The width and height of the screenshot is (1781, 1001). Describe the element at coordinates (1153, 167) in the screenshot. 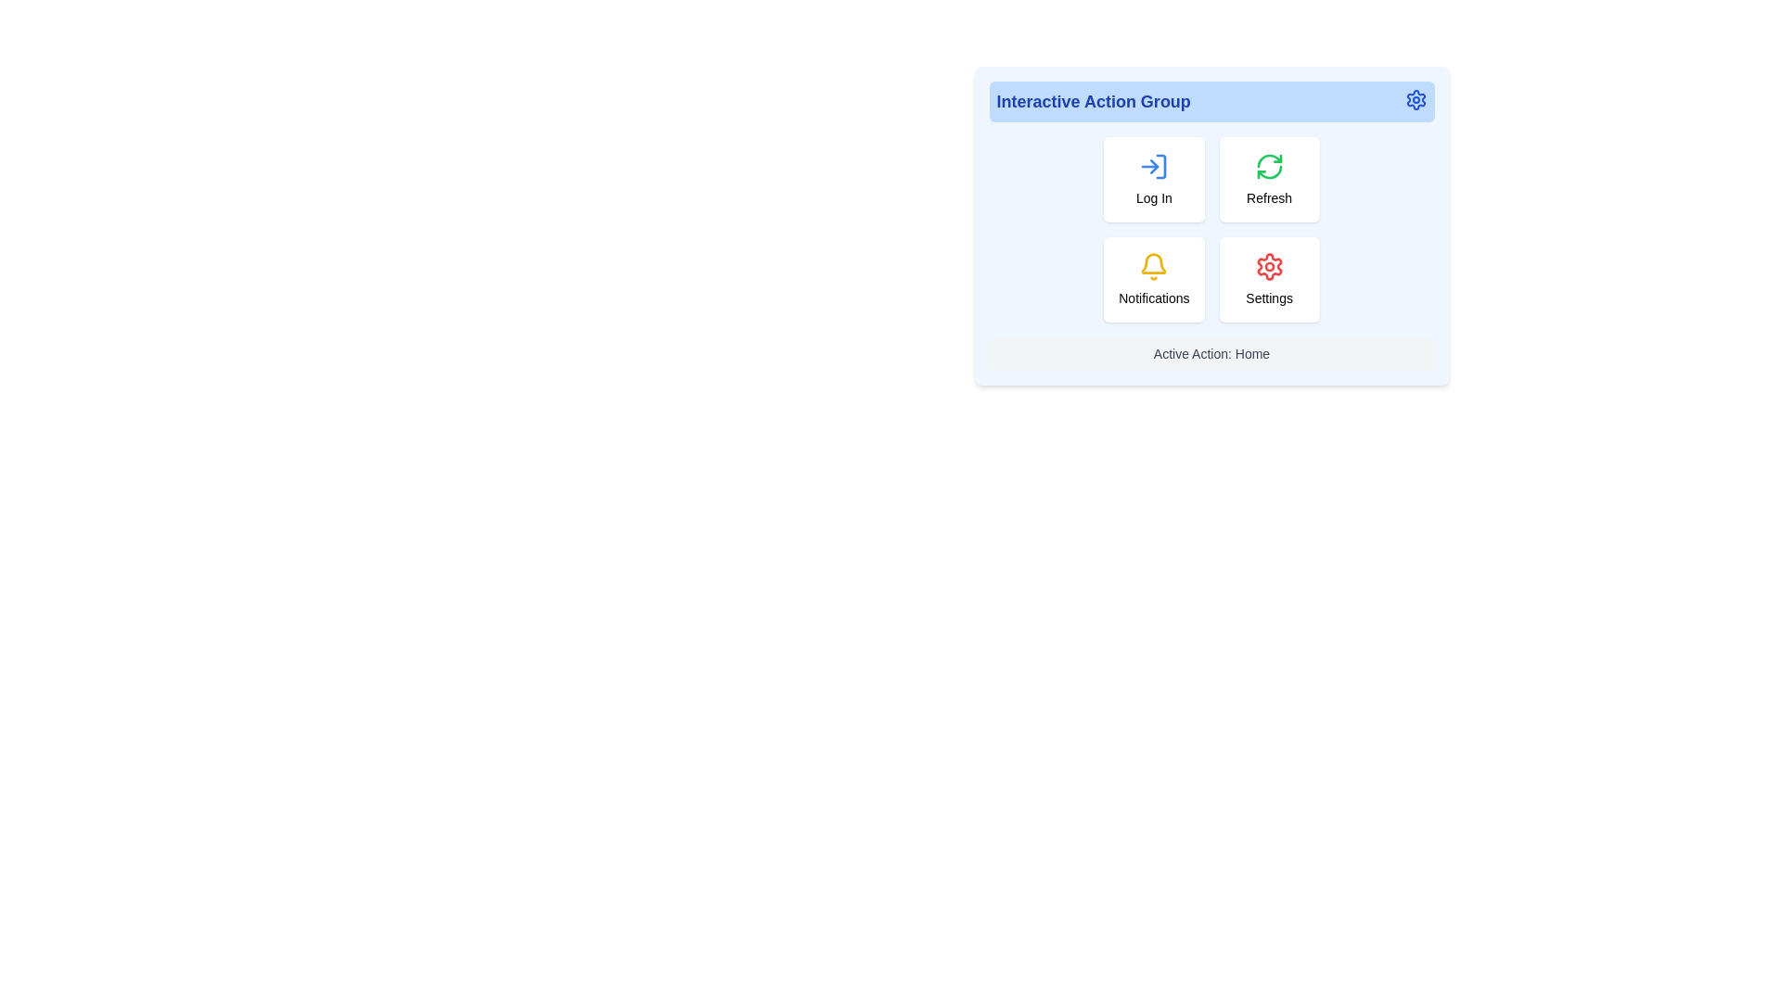

I see `'log in' icon located at the upper left corner of the 'Interactive Action Group' section, positioned above the text 'Log In'` at that location.